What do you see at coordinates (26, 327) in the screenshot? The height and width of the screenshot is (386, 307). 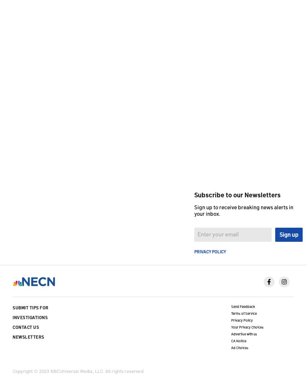 I see `'Contact Us'` at bounding box center [26, 327].